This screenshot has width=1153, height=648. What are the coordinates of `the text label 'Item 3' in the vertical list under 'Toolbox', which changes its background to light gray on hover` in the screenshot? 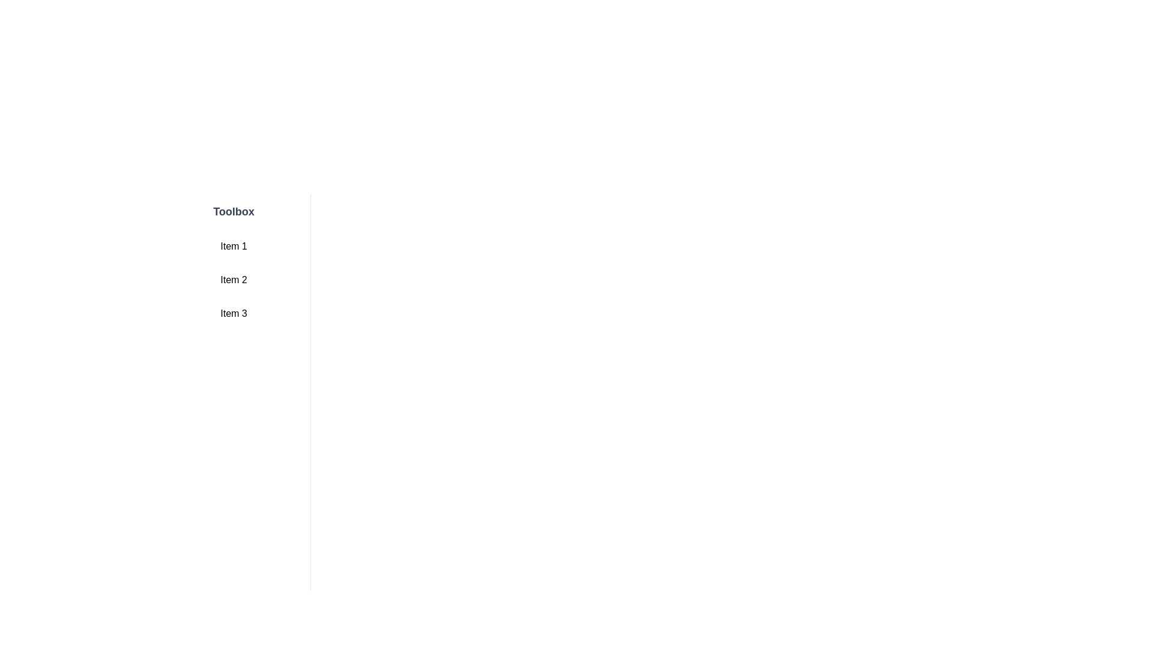 It's located at (234, 313).